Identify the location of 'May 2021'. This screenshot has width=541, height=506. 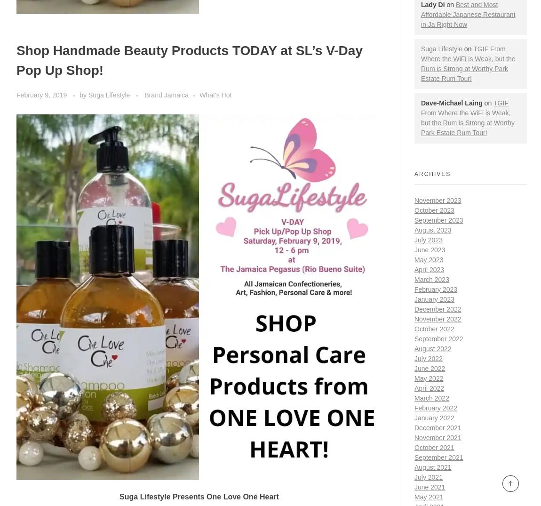
(429, 497).